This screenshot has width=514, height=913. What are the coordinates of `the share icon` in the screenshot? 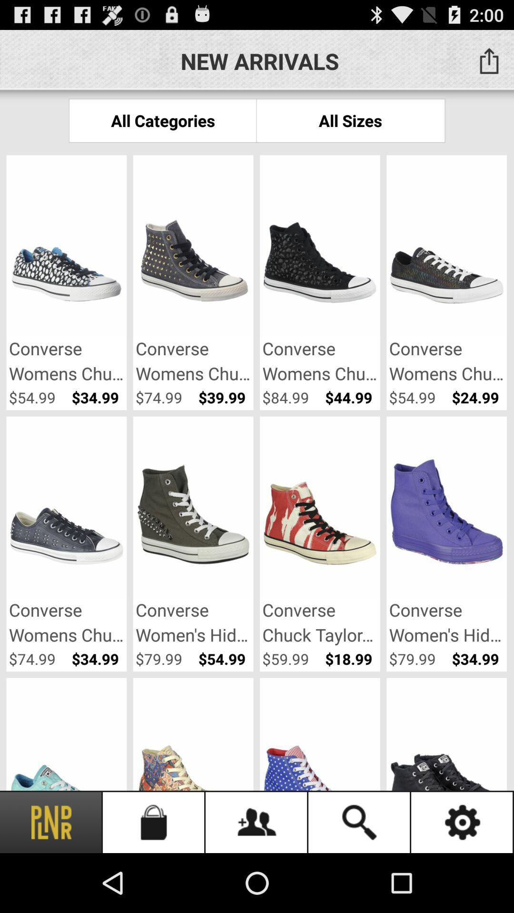 It's located at (489, 60).